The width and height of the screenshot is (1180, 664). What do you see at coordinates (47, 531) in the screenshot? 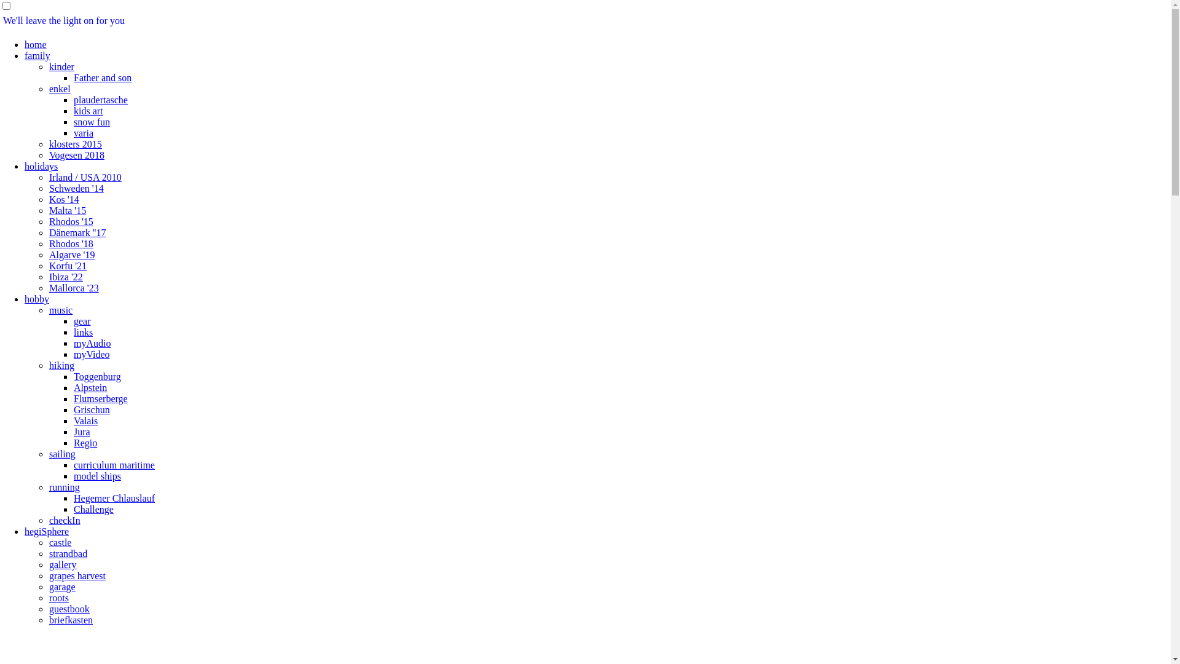
I see `'hegiSphere'` at bounding box center [47, 531].